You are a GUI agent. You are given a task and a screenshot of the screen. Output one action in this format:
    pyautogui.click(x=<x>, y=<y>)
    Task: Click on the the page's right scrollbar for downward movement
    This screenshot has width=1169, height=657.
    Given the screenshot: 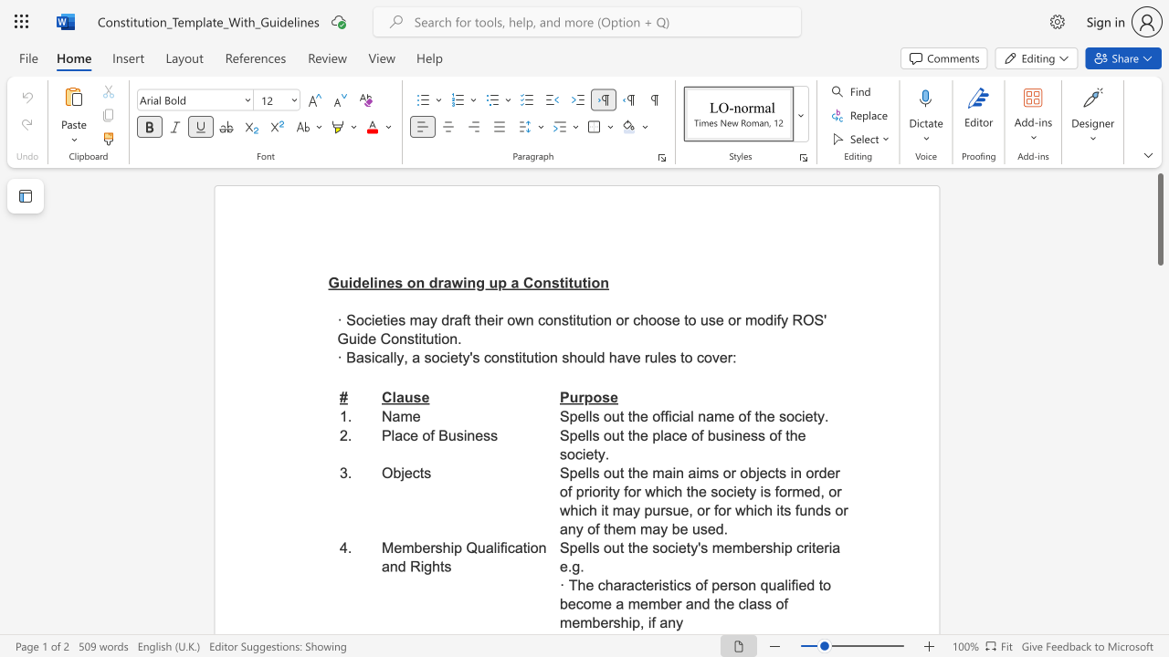 What is the action you would take?
    pyautogui.click(x=1159, y=328)
    